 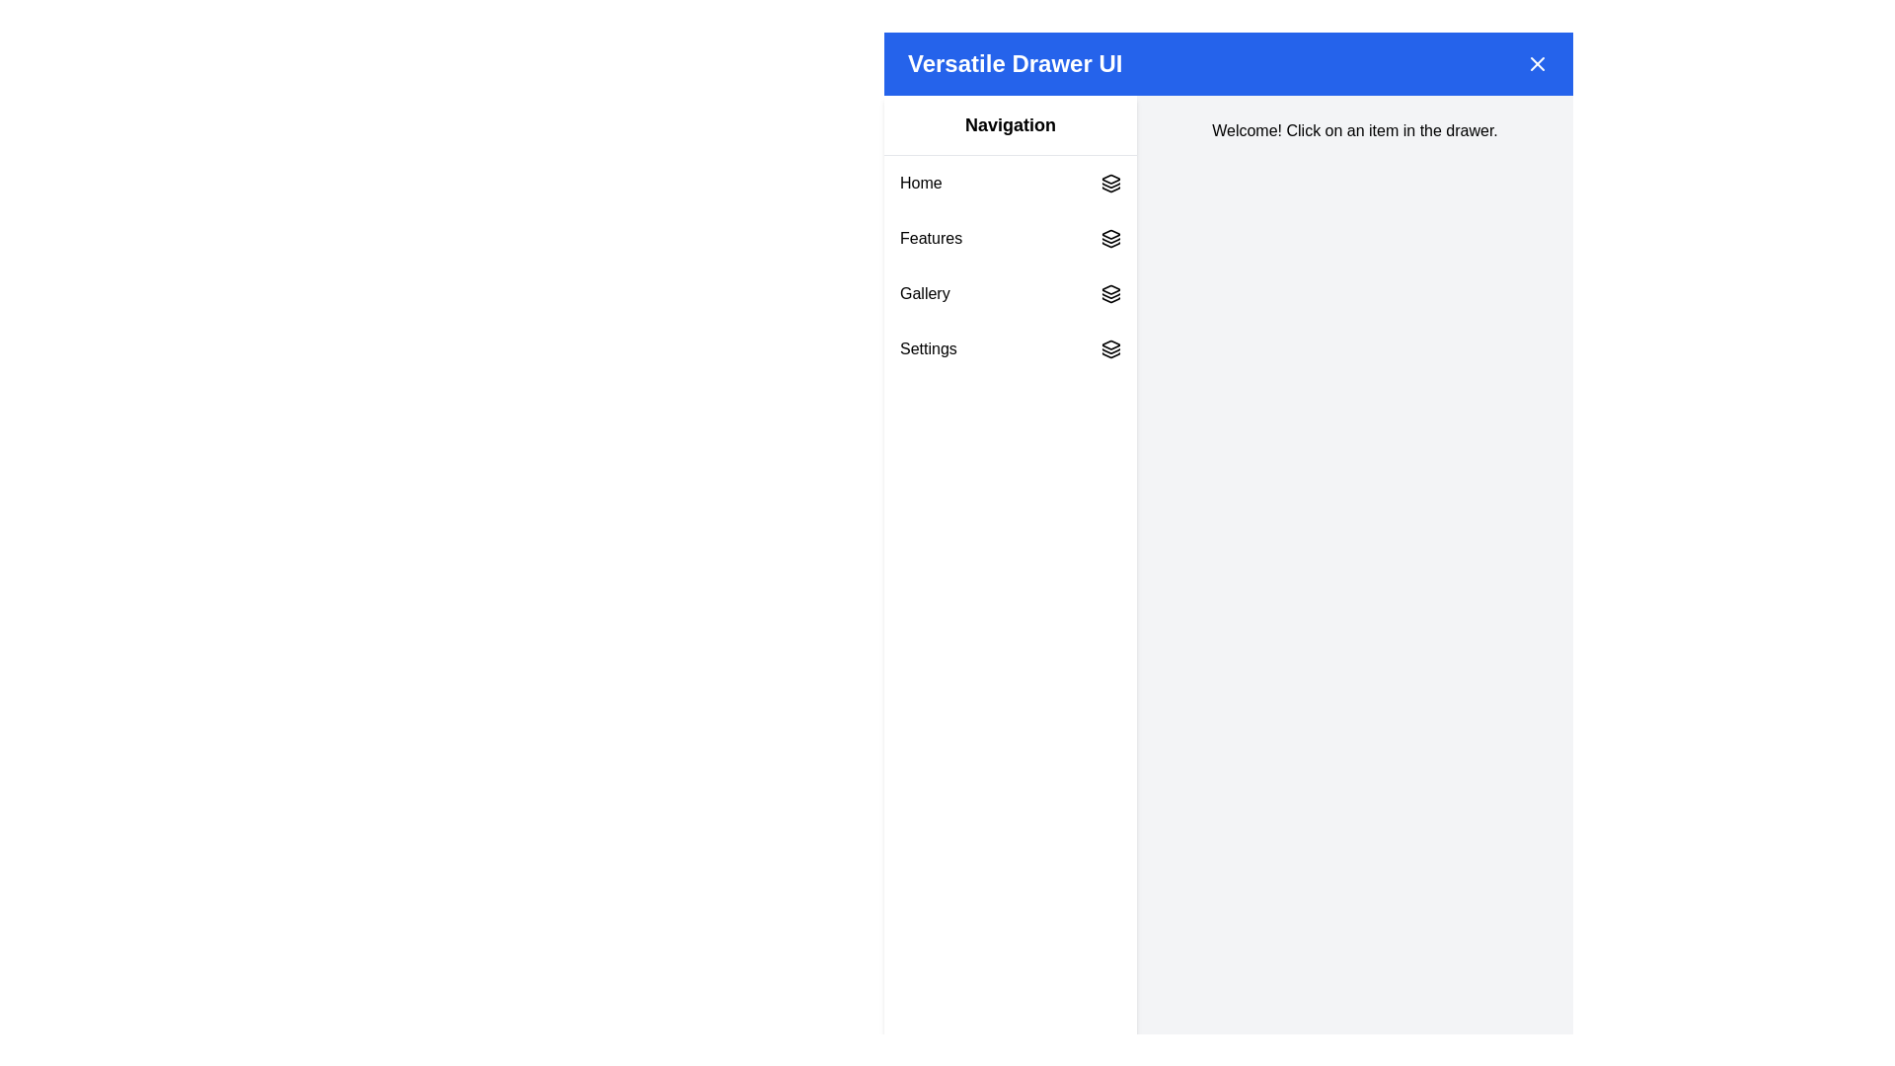 What do you see at coordinates (1010, 348) in the screenshot?
I see `the 'Settings' menu item, which is the fourth item in the vertical navigation menu` at bounding box center [1010, 348].